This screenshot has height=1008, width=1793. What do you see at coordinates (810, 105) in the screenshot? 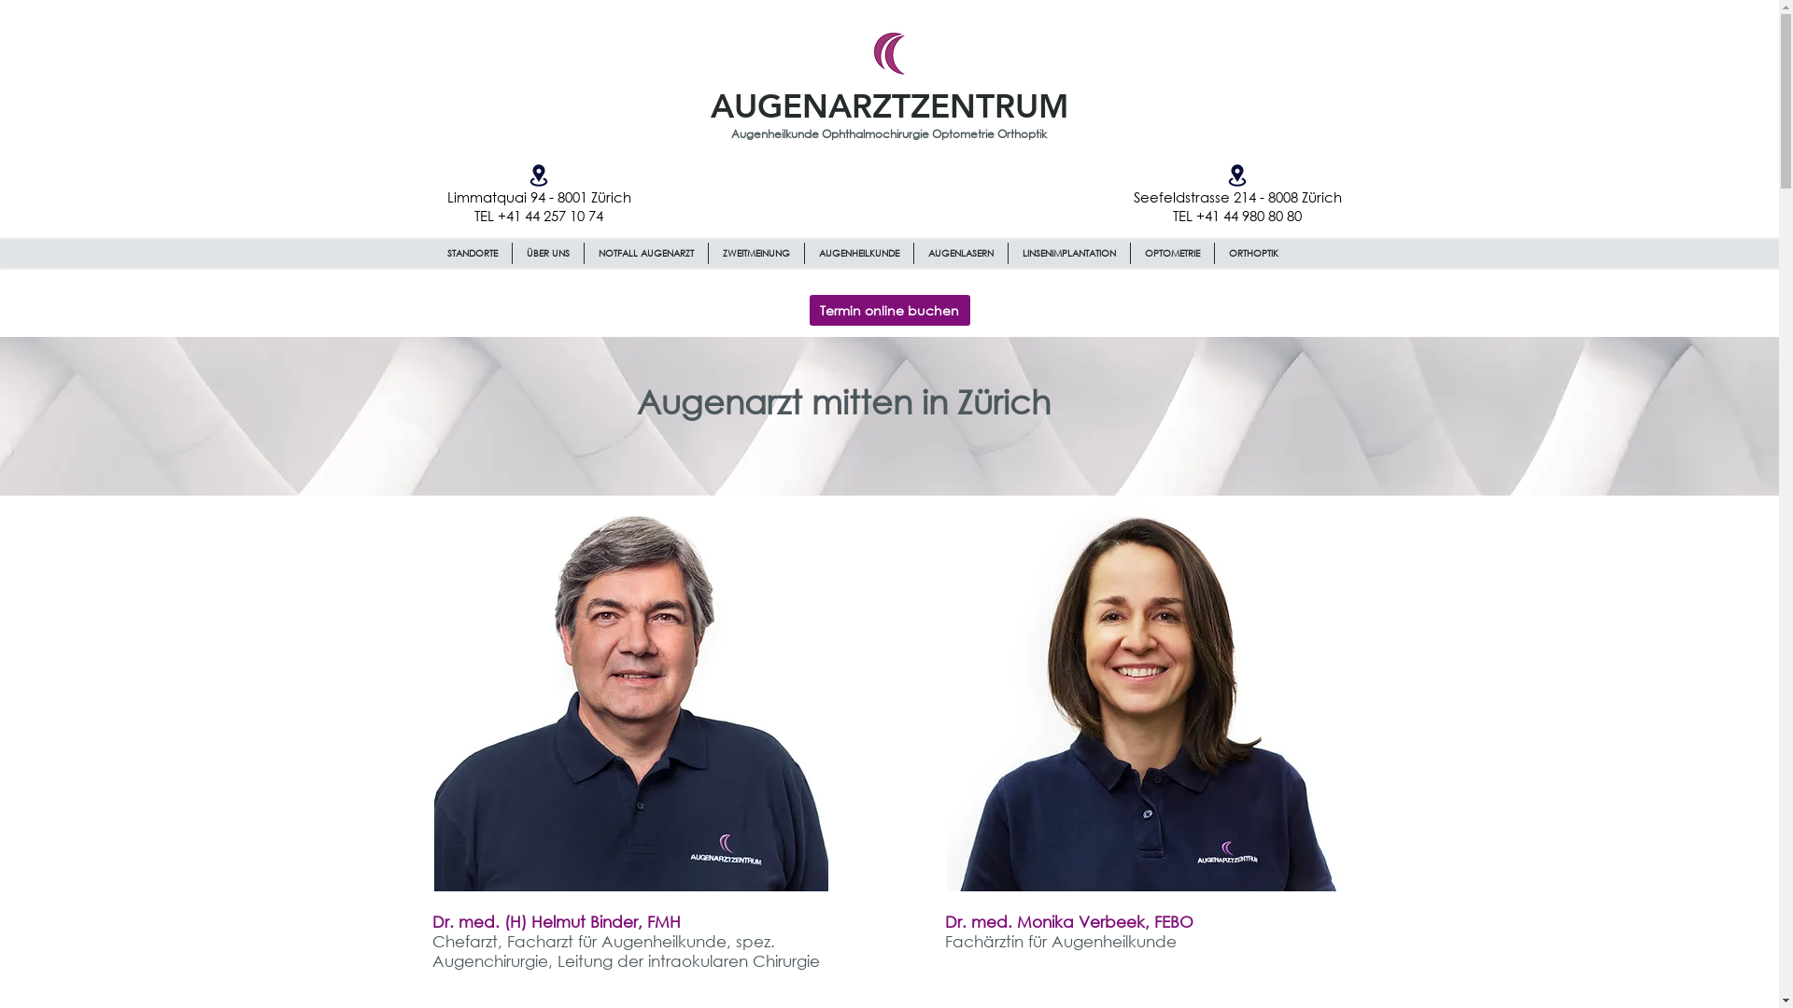
I see `'AUGENARZT'` at bounding box center [810, 105].